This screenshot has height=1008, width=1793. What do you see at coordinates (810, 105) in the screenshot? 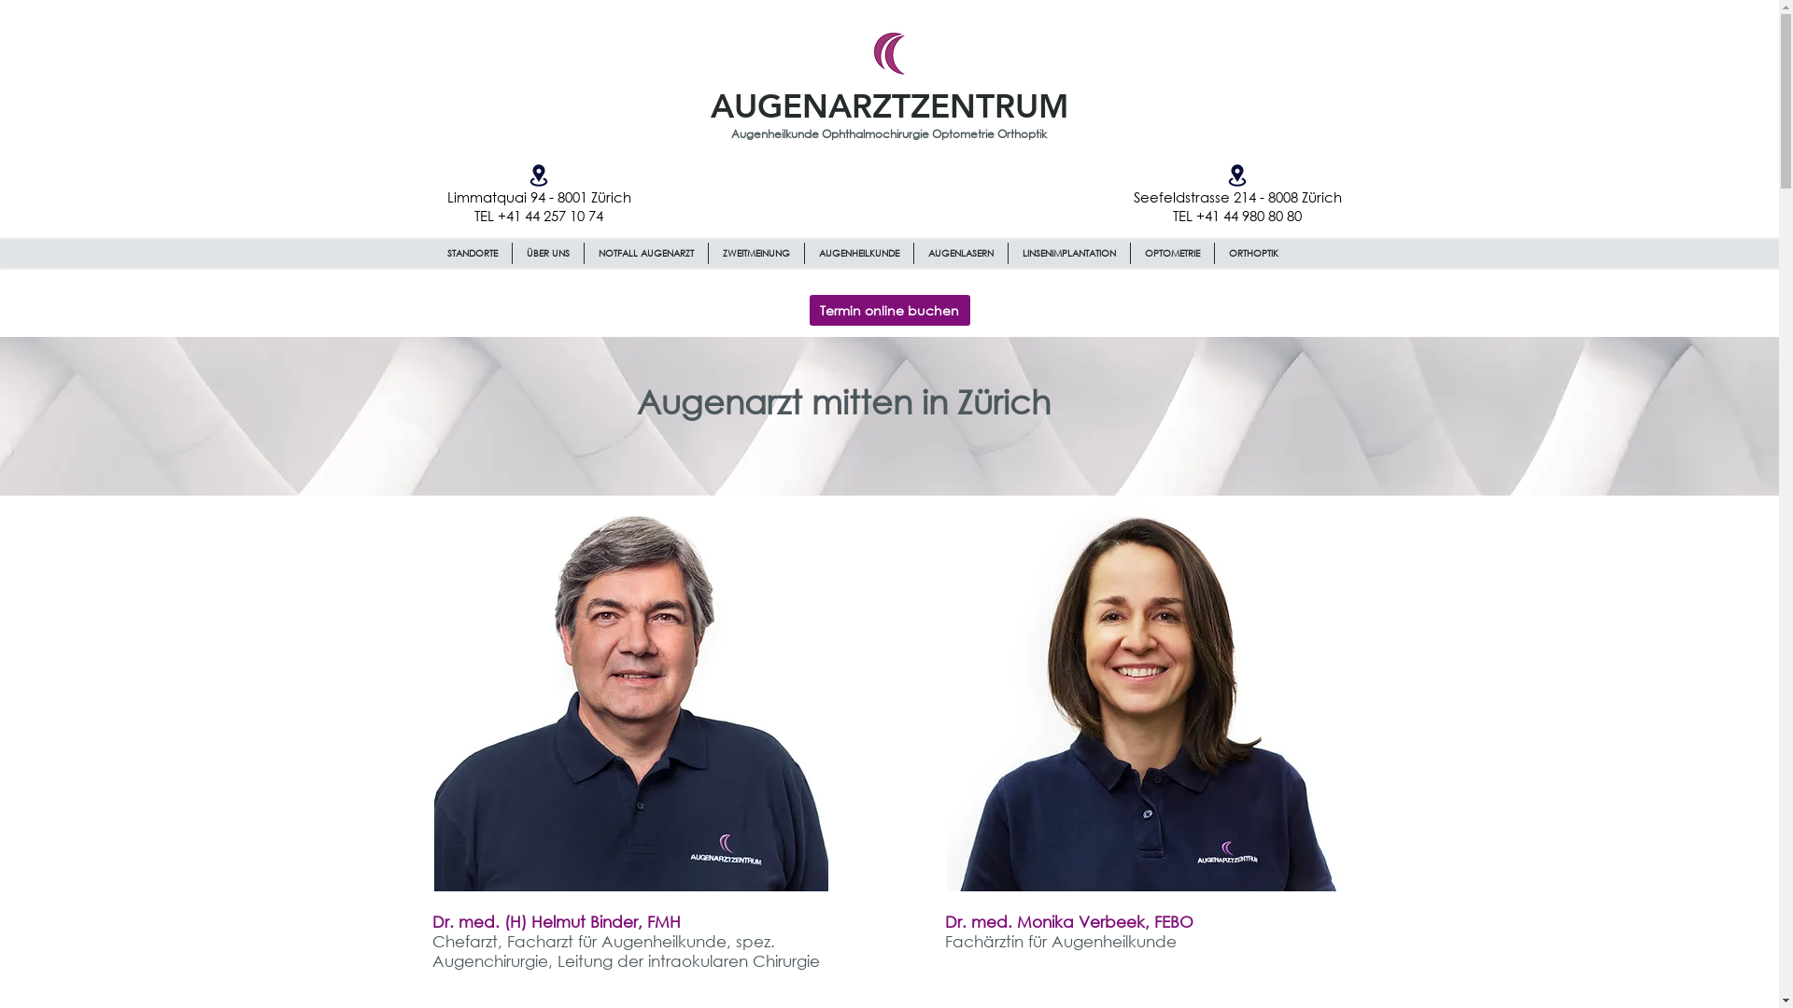
I see `'AUGENARZT'` at bounding box center [810, 105].